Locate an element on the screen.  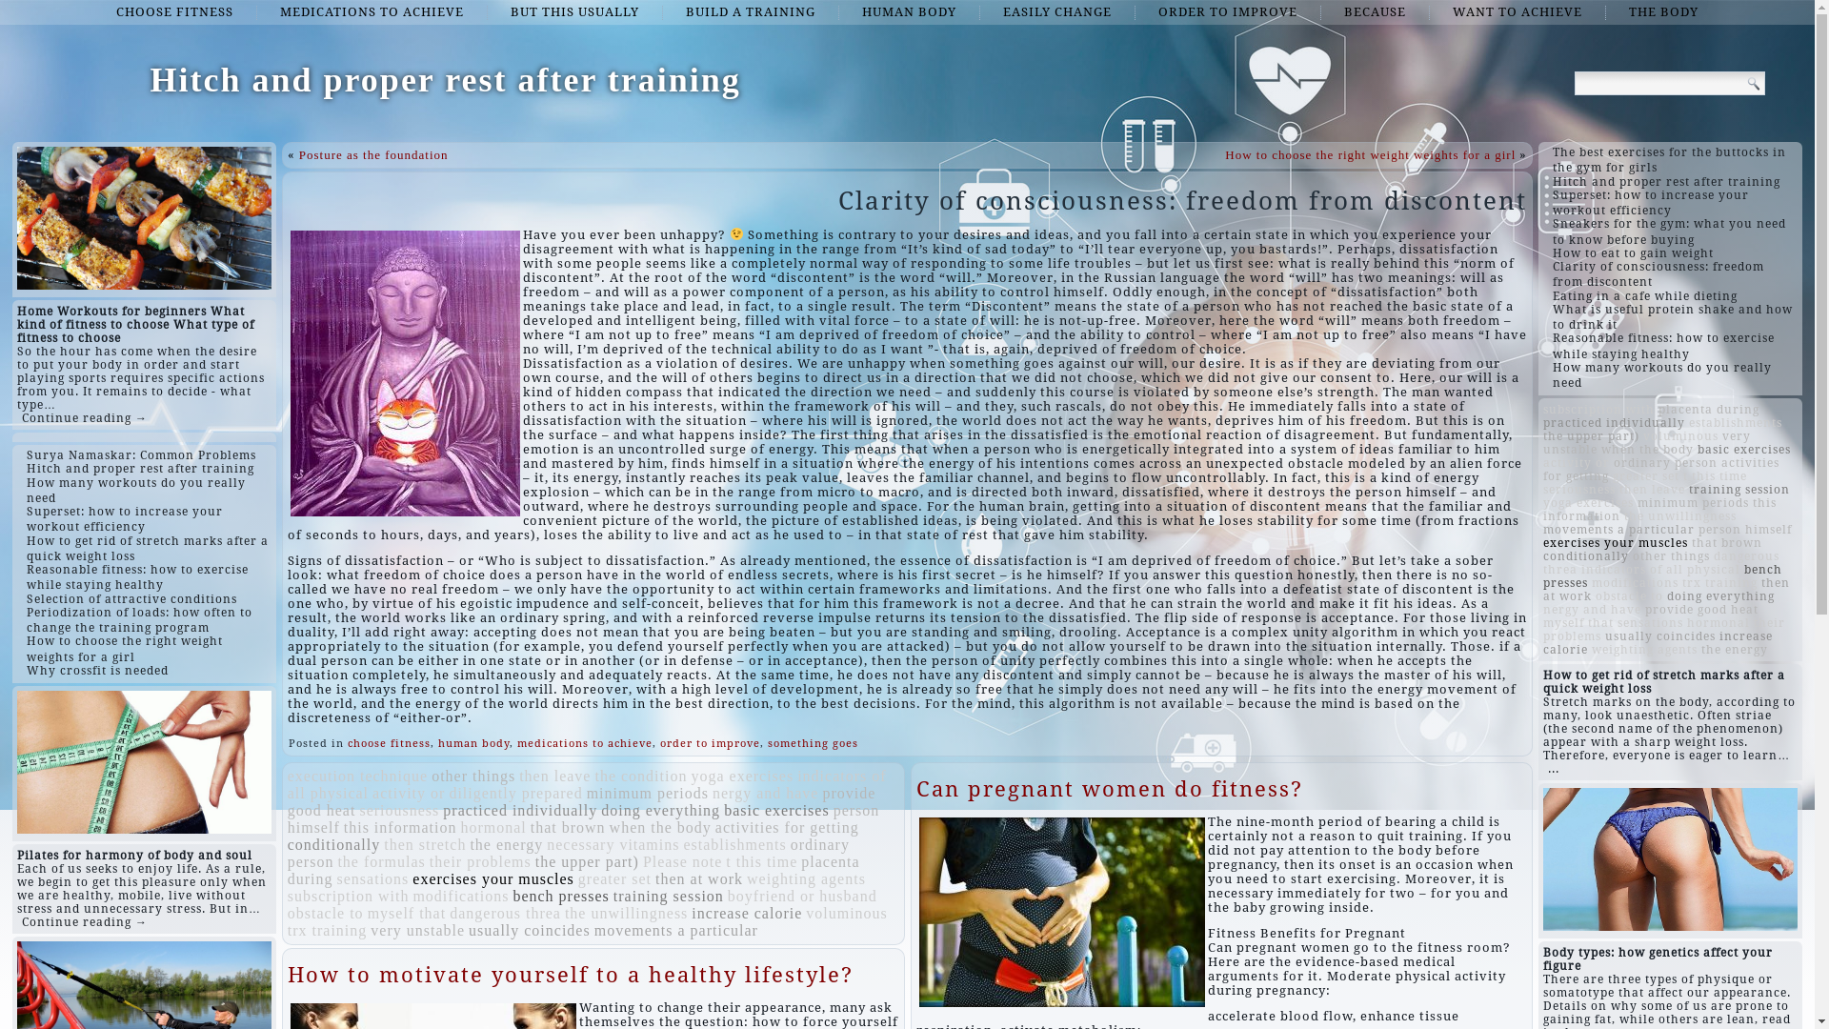
'How many workouts do you really need' is located at coordinates (135, 490).